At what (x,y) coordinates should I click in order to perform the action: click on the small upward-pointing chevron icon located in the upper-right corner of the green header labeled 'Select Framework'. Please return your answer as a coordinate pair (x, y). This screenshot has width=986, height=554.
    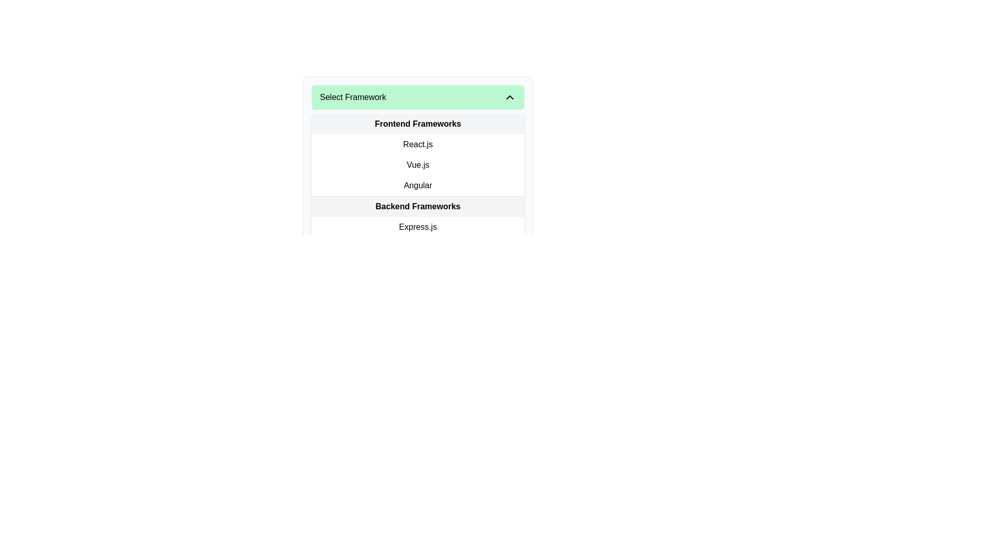
    Looking at the image, I should click on (510, 97).